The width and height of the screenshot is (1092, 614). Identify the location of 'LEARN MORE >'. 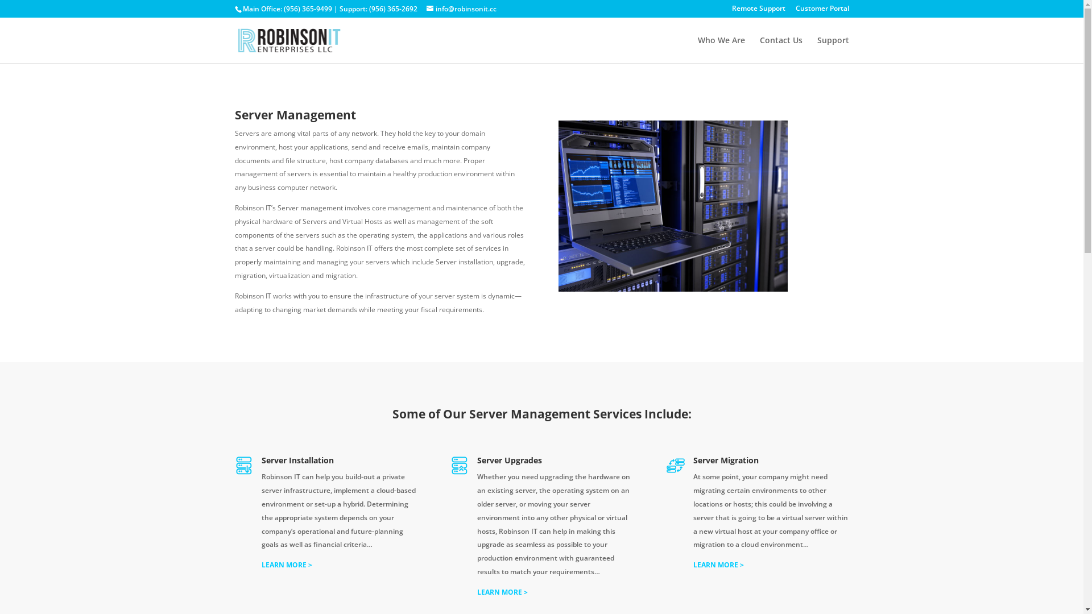
(287, 565).